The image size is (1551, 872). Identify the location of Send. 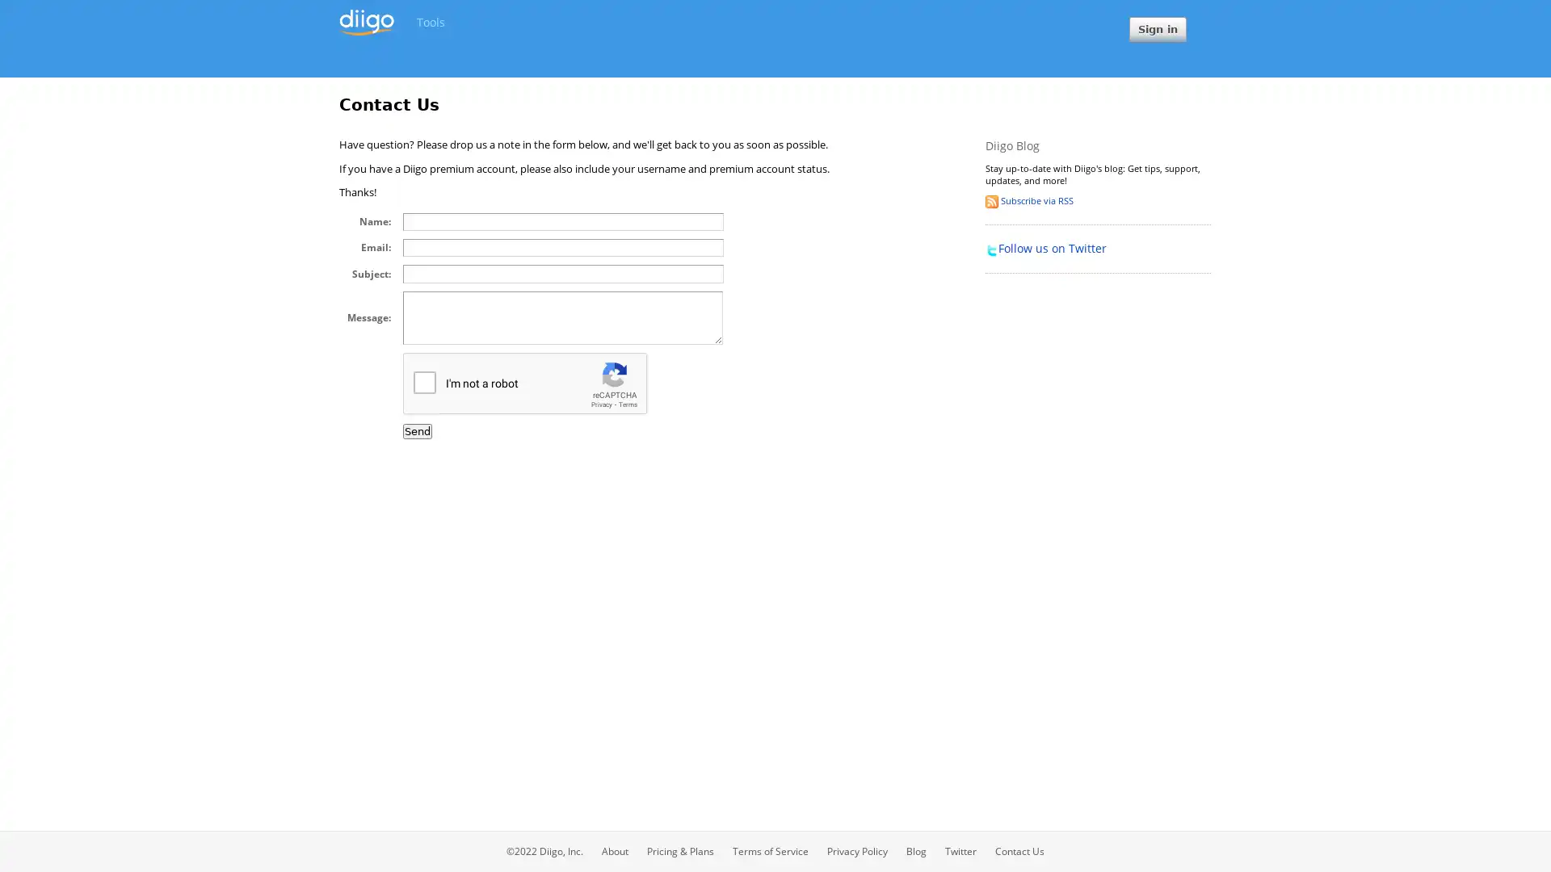
(418, 430).